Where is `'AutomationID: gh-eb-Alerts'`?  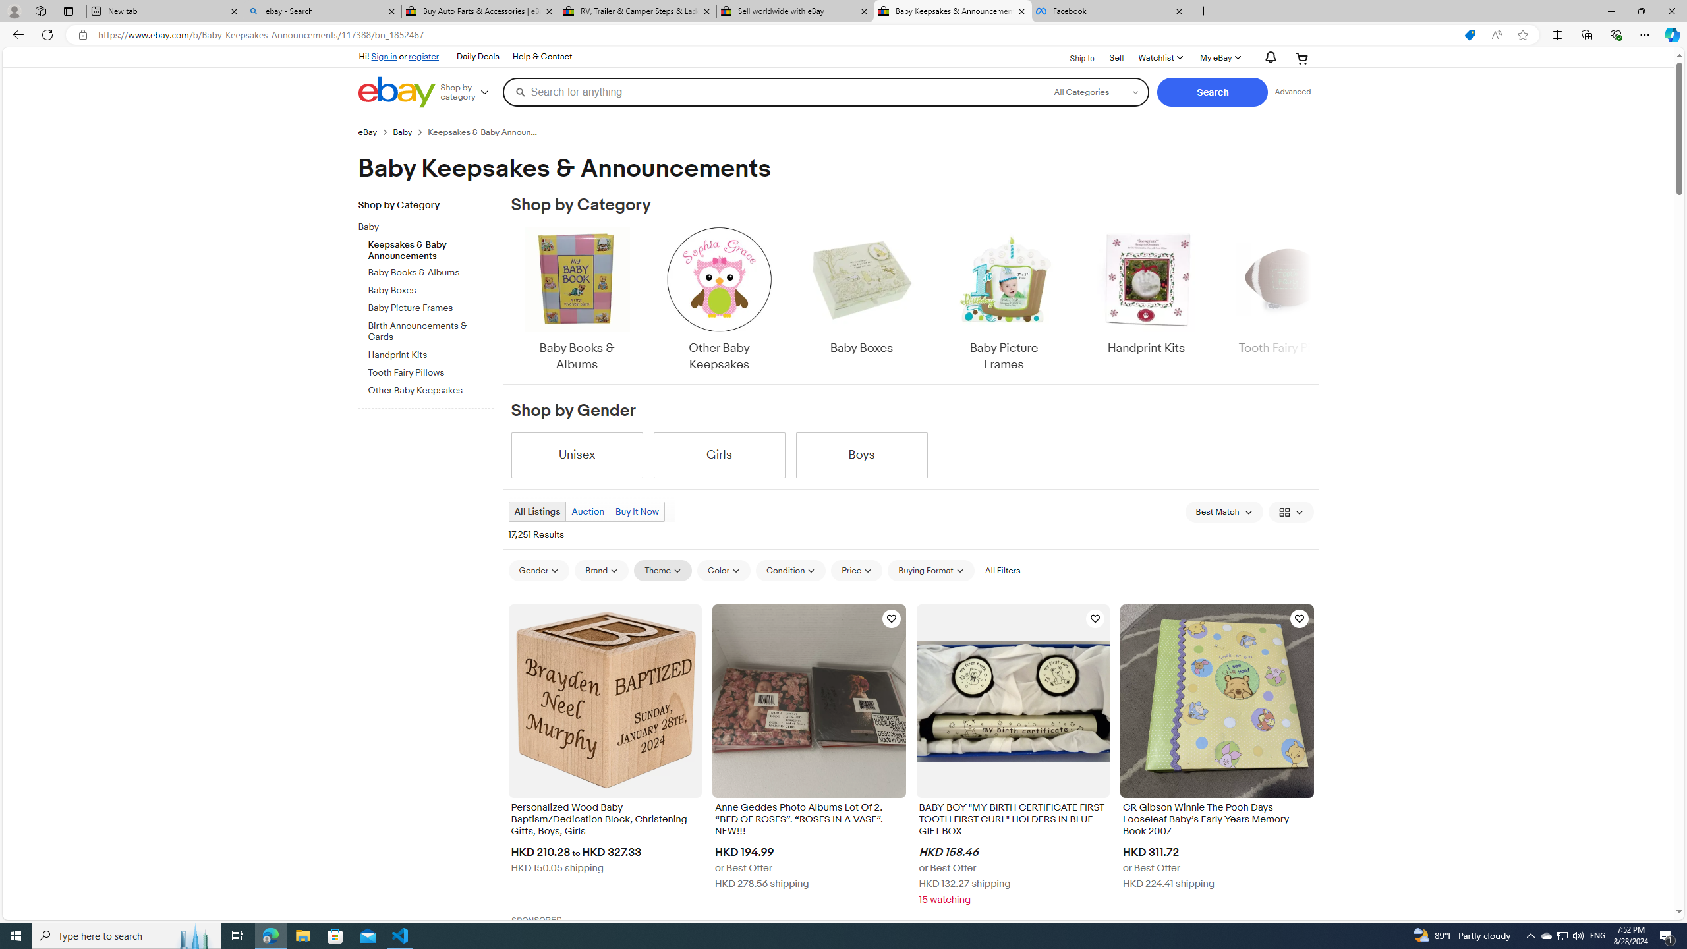
'AutomationID: gh-eb-Alerts' is located at coordinates (1268, 58).